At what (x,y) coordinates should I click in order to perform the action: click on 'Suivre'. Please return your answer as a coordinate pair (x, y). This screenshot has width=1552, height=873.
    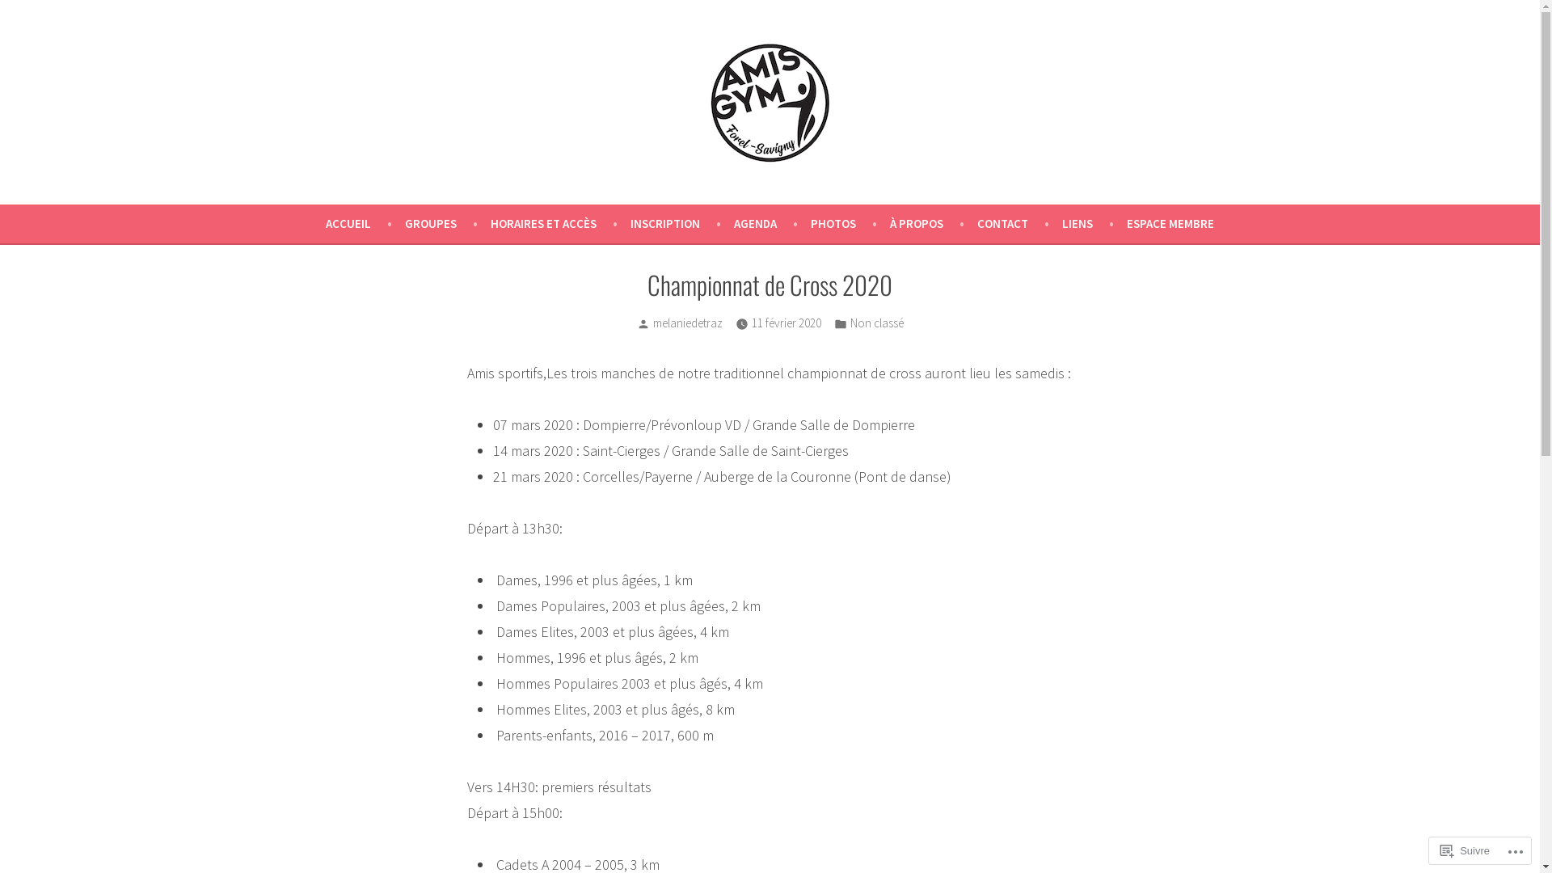
    Looking at the image, I should click on (1434, 850).